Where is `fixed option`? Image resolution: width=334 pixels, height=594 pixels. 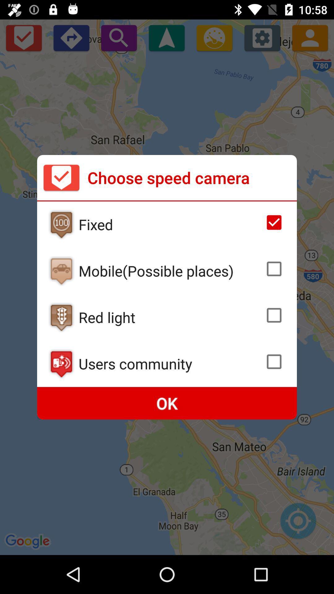 fixed option is located at coordinates (274, 222).